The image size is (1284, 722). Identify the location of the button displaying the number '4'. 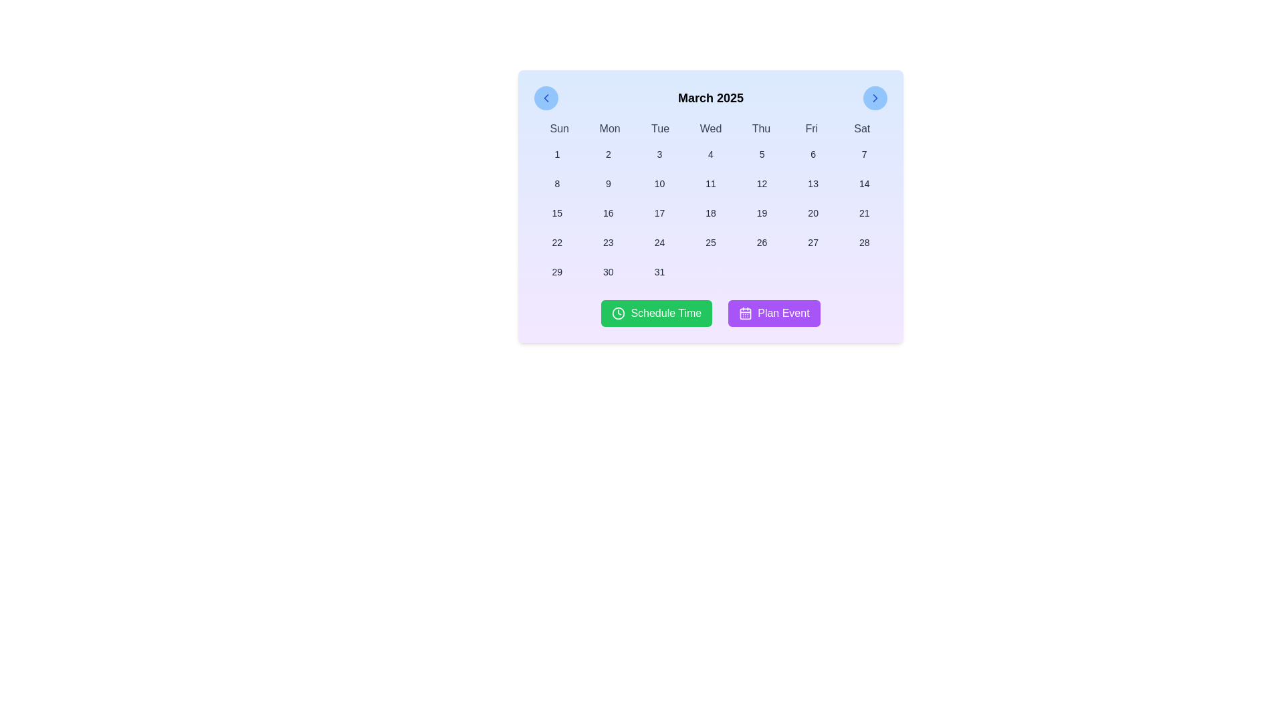
(710, 154).